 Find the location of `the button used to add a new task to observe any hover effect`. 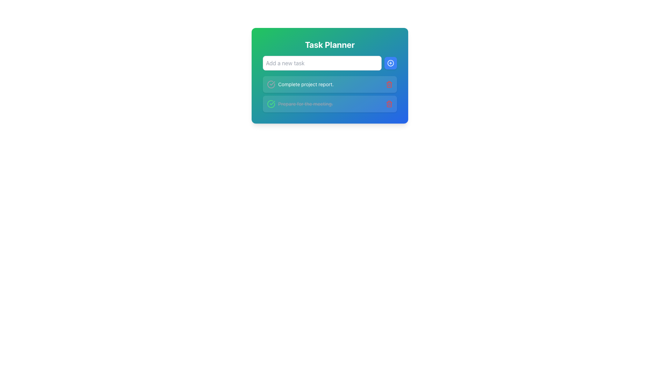

the button used to add a new task to observe any hover effect is located at coordinates (390, 63).